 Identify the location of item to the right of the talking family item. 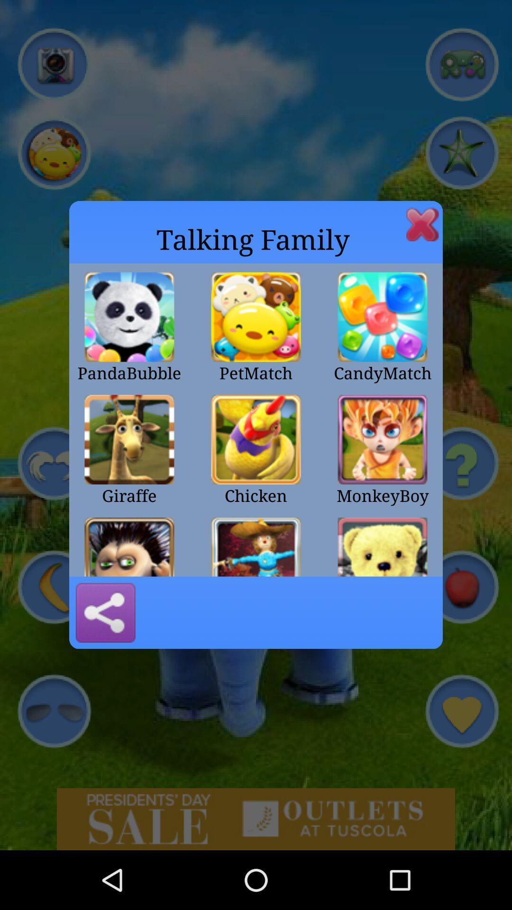
(422, 224).